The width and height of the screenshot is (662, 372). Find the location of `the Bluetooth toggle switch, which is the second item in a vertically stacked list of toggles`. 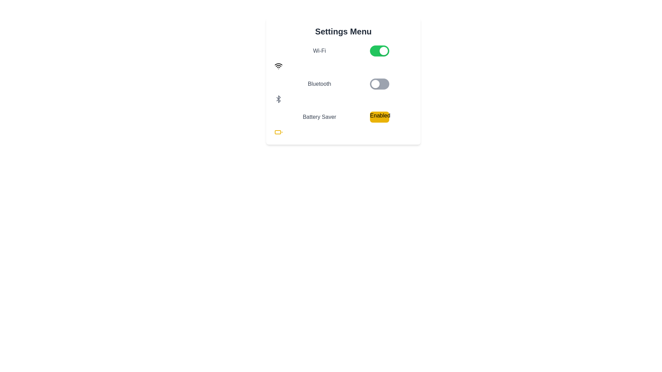

the Bluetooth toggle switch, which is the second item in a vertically stacked list of toggles is located at coordinates (343, 90).